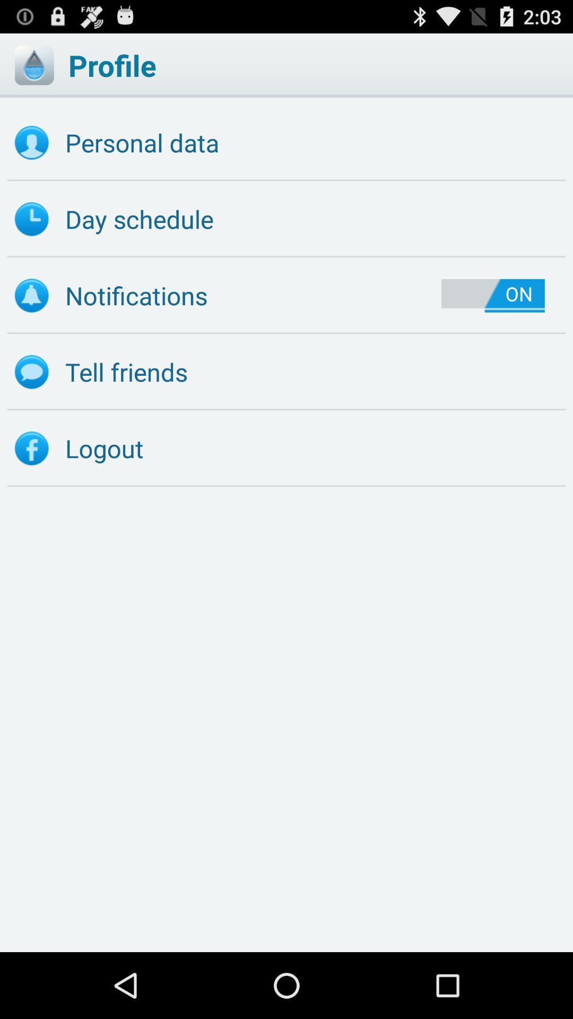 Image resolution: width=573 pixels, height=1019 pixels. What do you see at coordinates (493, 296) in the screenshot?
I see `on item` at bounding box center [493, 296].